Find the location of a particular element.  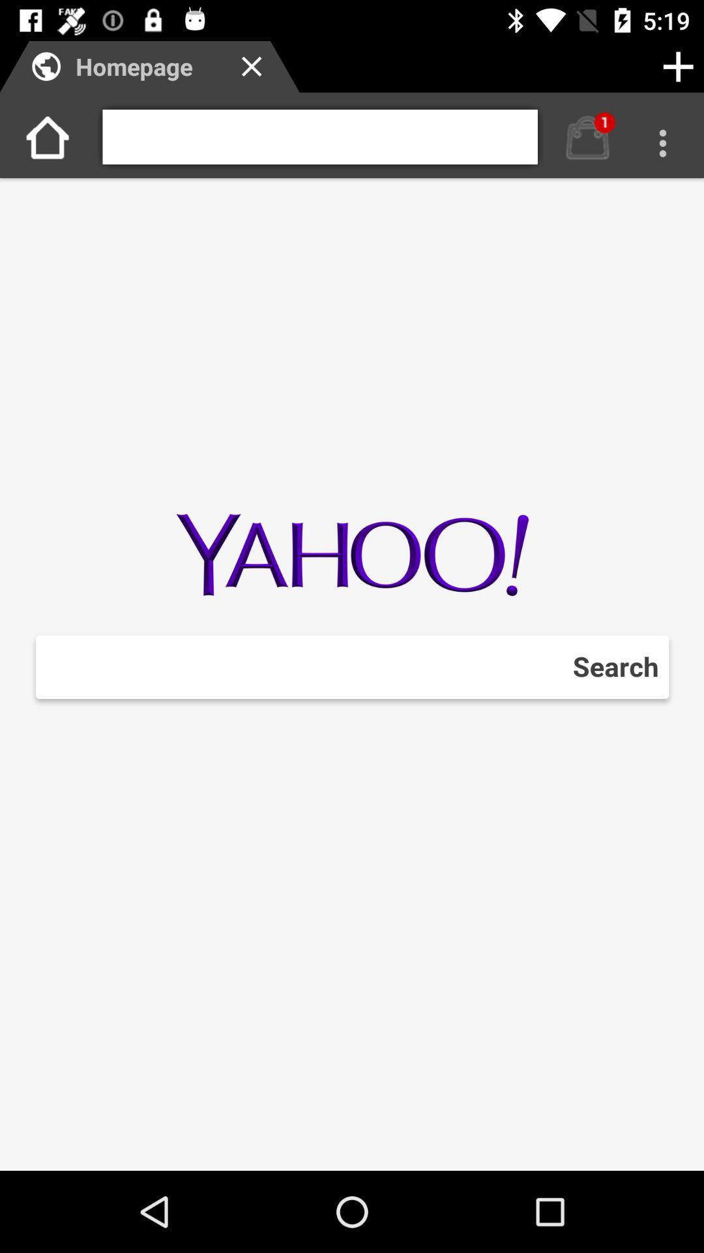

the add icon is located at coordinates (677, 66).